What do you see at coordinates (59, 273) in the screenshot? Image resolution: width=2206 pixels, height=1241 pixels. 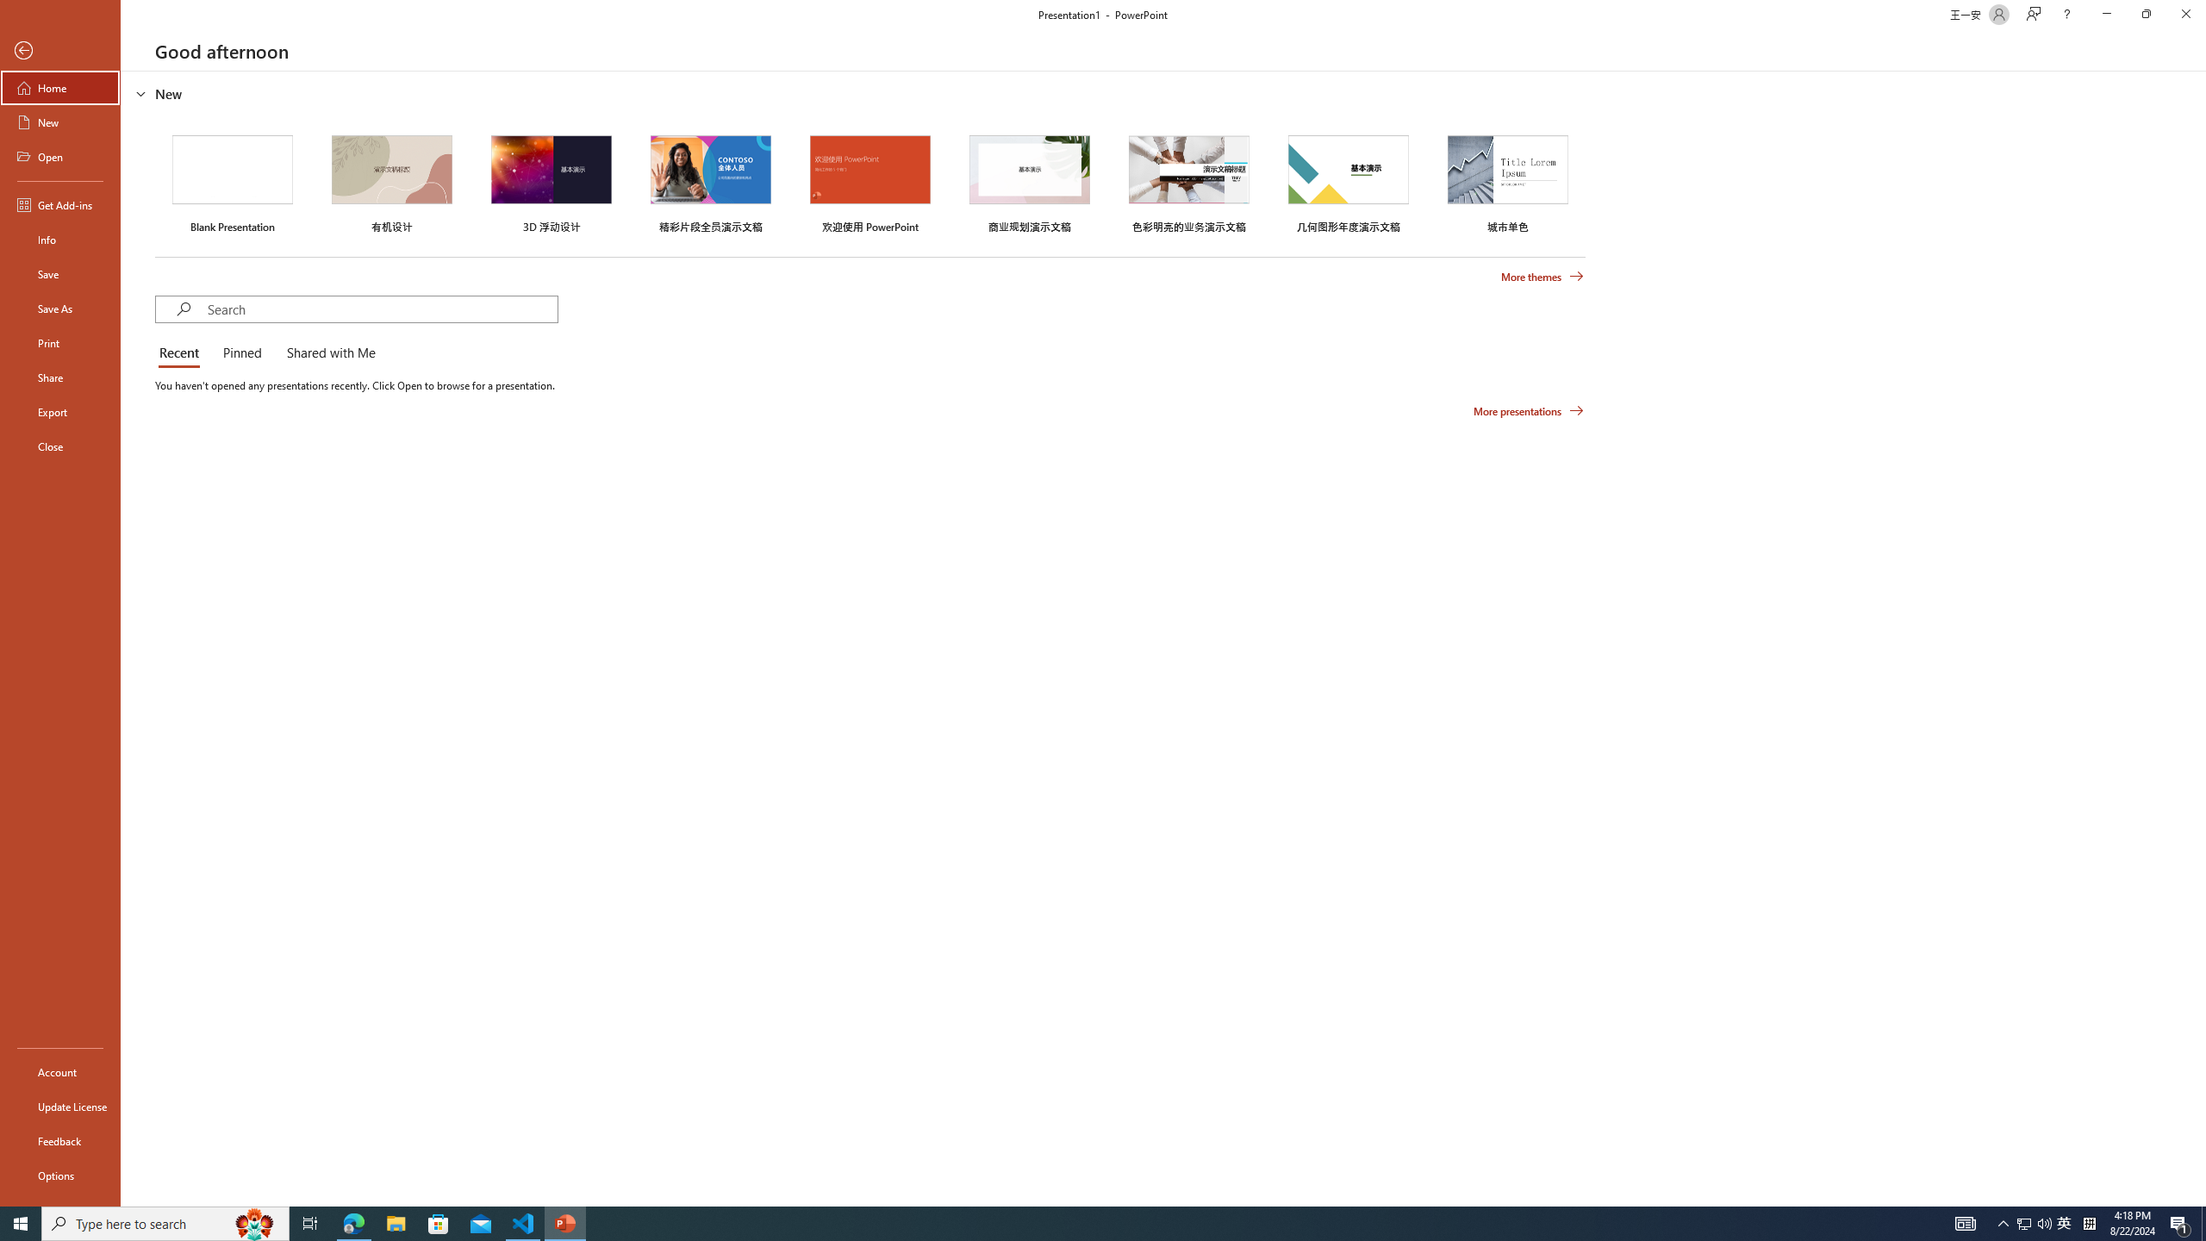 I see `'Save'` at bounding box center [59, 273].